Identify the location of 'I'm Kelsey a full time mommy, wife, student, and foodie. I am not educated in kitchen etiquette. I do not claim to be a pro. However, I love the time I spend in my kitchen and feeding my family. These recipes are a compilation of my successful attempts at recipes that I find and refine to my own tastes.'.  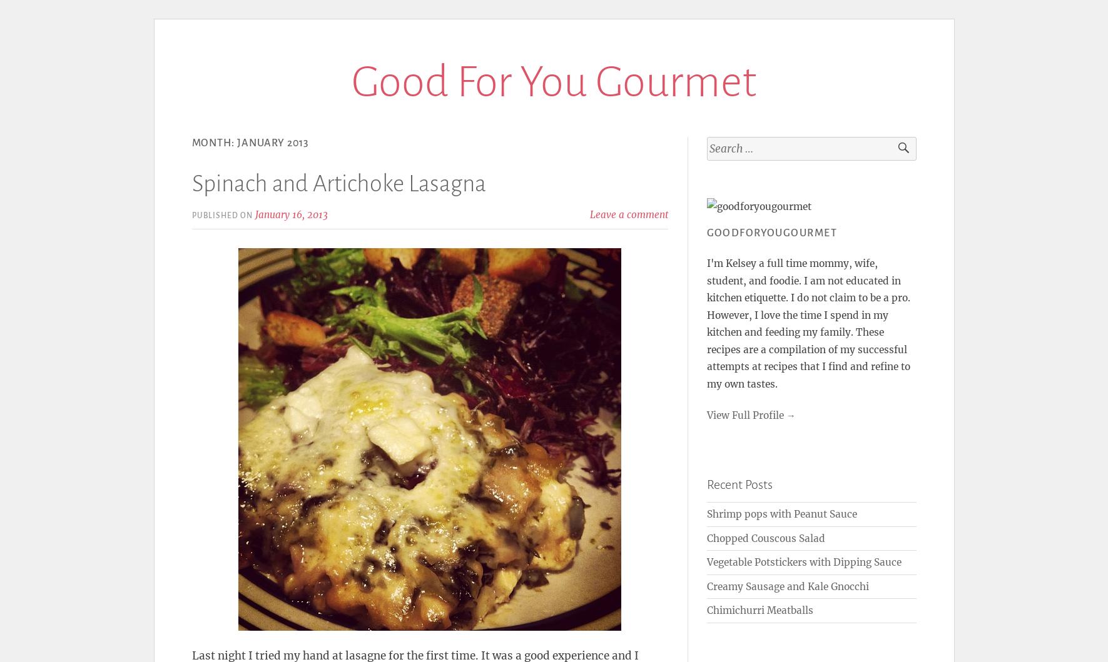
(706, 323).